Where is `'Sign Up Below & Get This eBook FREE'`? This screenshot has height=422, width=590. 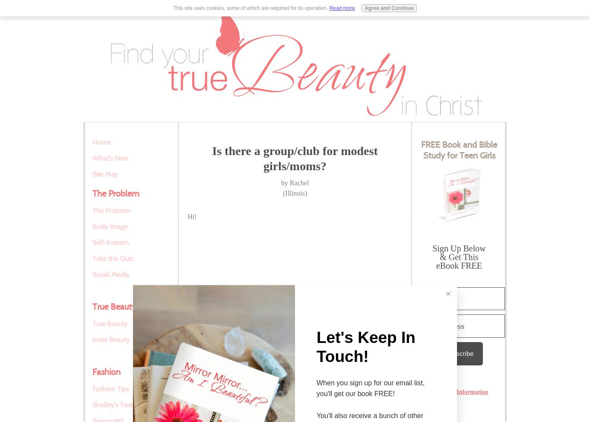
'Sign Up Below & Get This eBook FREE' is located at coordinates (458, 256).